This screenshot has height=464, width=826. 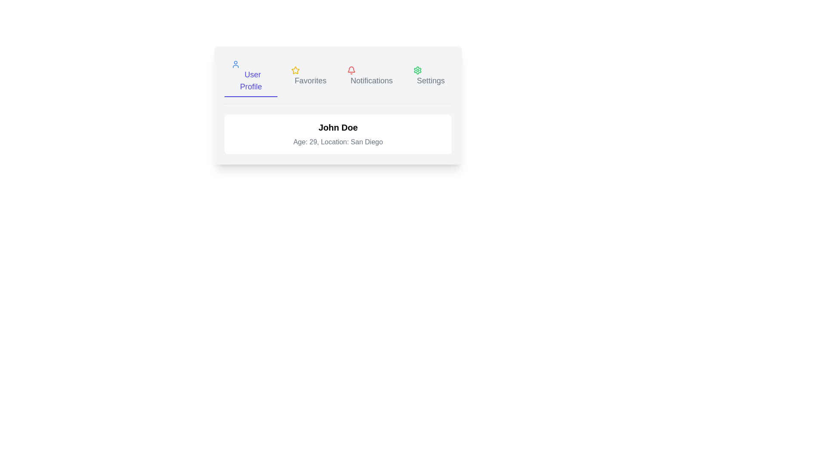 What do you see at coordinates (235, 64) in the screenshot?
I see `the user icon, which is an outline of a person in blue color, located in the navigation header as the first element in the 'User Profile' tab` at bounding box center [235, 64].